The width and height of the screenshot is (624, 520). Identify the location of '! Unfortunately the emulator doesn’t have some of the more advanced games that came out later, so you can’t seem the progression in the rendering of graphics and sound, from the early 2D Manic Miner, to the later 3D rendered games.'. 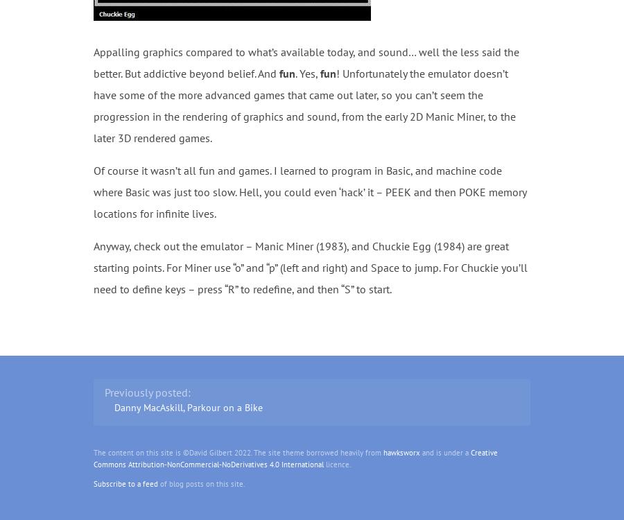
(304, 105).